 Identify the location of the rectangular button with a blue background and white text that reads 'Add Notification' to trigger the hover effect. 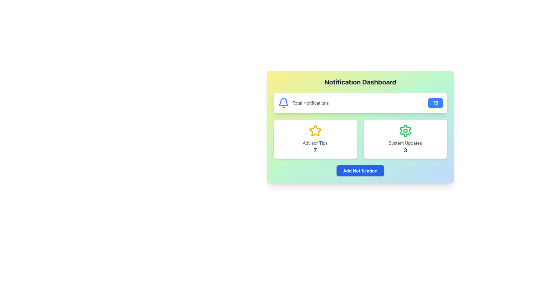
(360, 170).